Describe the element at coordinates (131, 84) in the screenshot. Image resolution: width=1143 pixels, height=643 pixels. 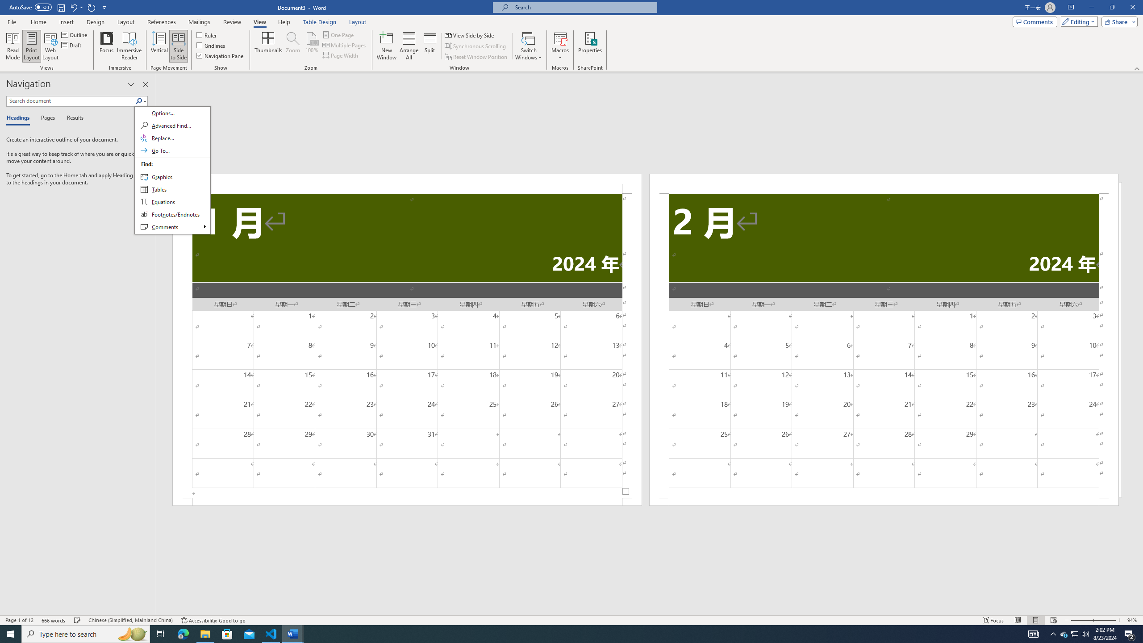
I see `'Task Pane Options'` at that location.